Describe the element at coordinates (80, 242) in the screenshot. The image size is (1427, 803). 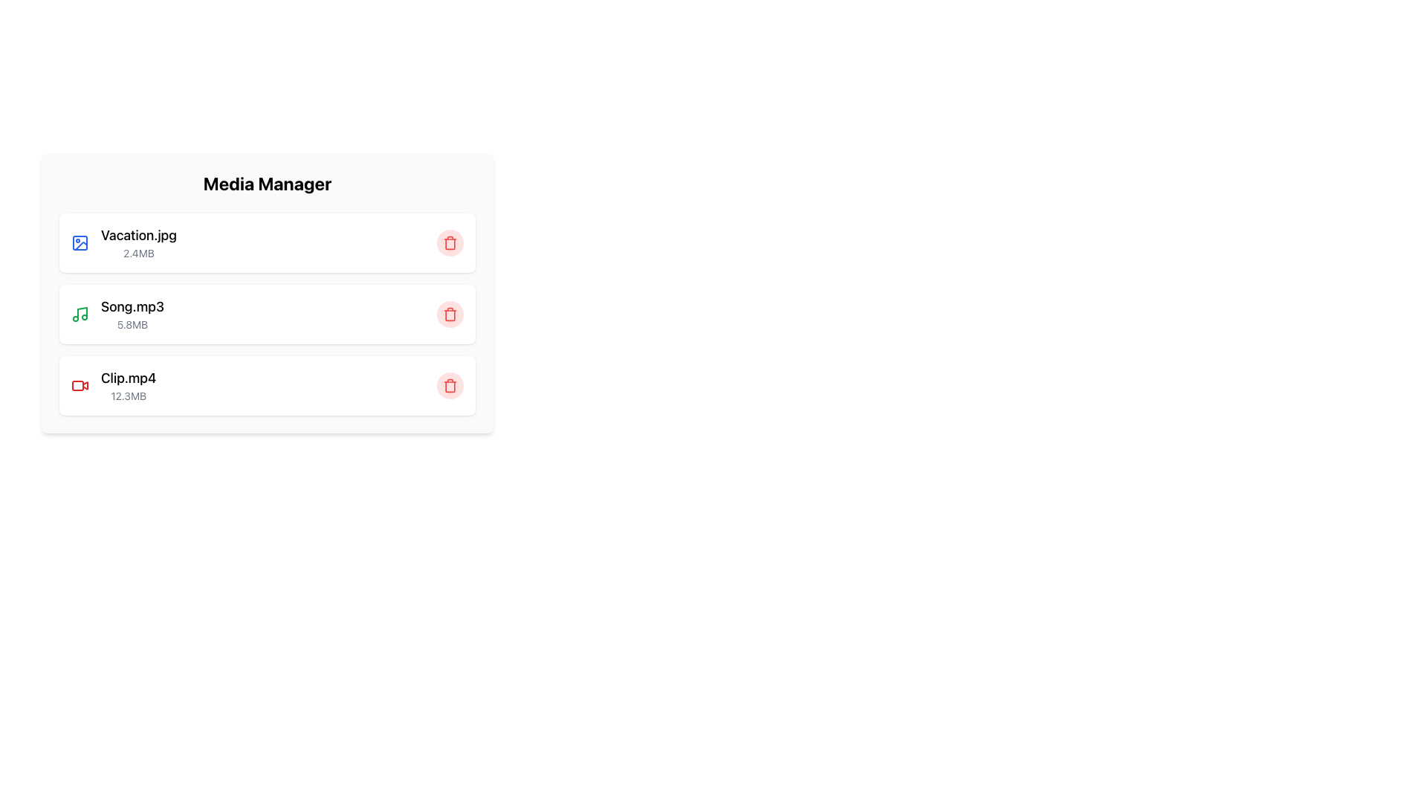
I see `the icon representing the file type of 'Vacation.jpg' located at the top-left corner of the first entry` at that location.